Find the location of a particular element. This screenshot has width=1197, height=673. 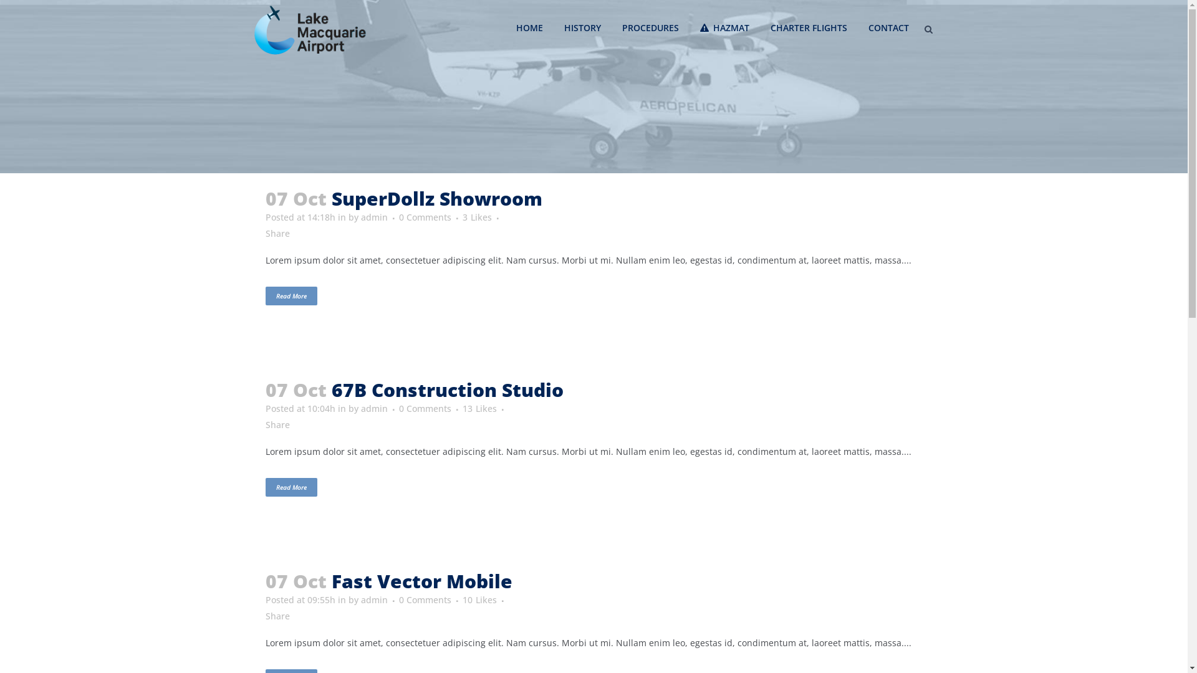

'admin' is located at coordinates (373, 408).